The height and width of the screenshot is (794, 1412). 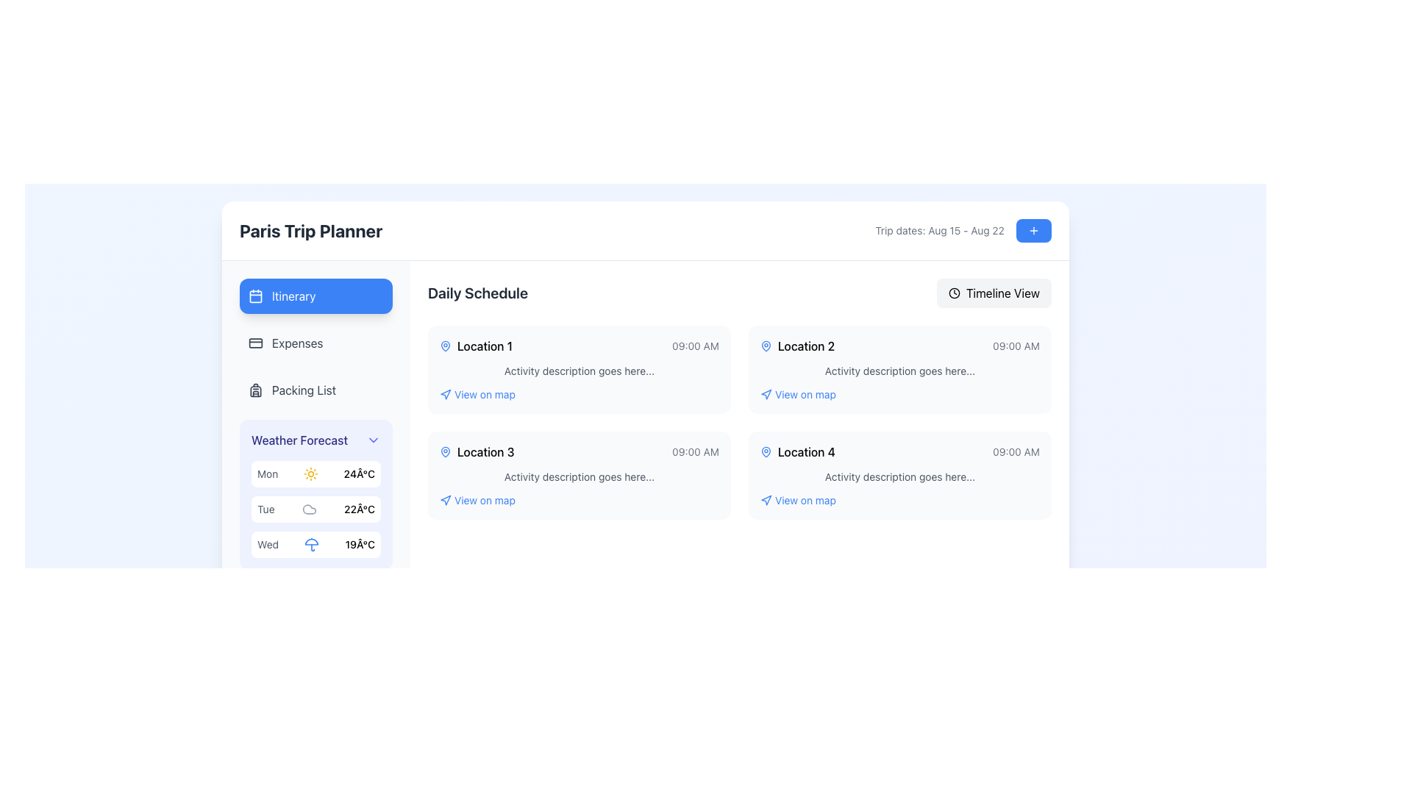 What do you see at coordinates (315, 439) in the screenshot?
I see `the dropdown header for the weather section located at the top of the weather details for Monday` at bounding box center [315, 439].